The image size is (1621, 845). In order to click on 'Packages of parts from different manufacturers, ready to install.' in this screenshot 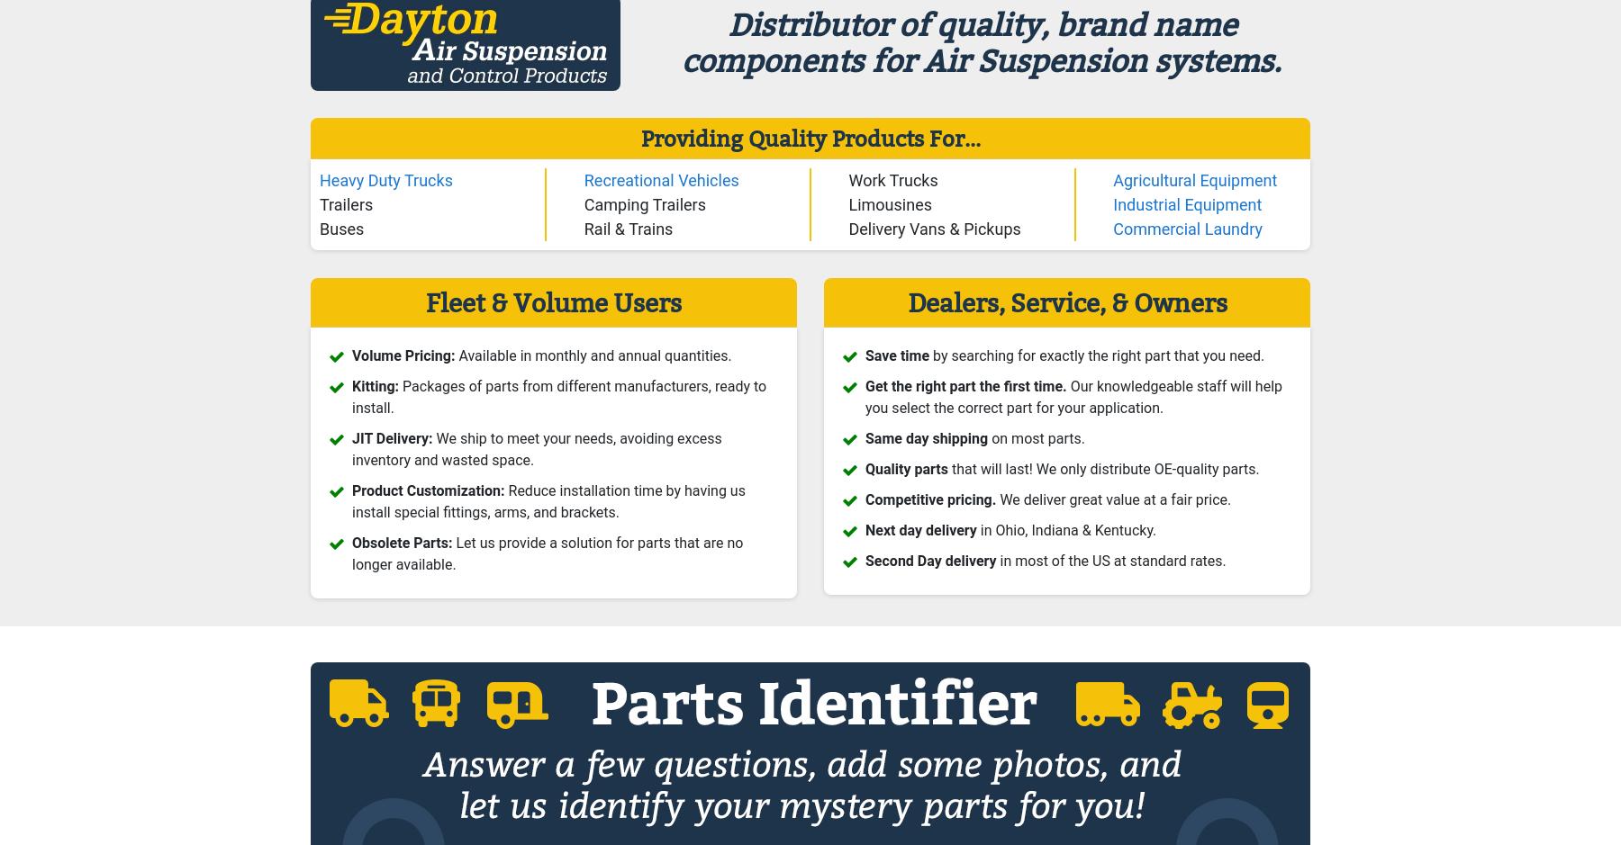, I will do `click(559, 397)`.